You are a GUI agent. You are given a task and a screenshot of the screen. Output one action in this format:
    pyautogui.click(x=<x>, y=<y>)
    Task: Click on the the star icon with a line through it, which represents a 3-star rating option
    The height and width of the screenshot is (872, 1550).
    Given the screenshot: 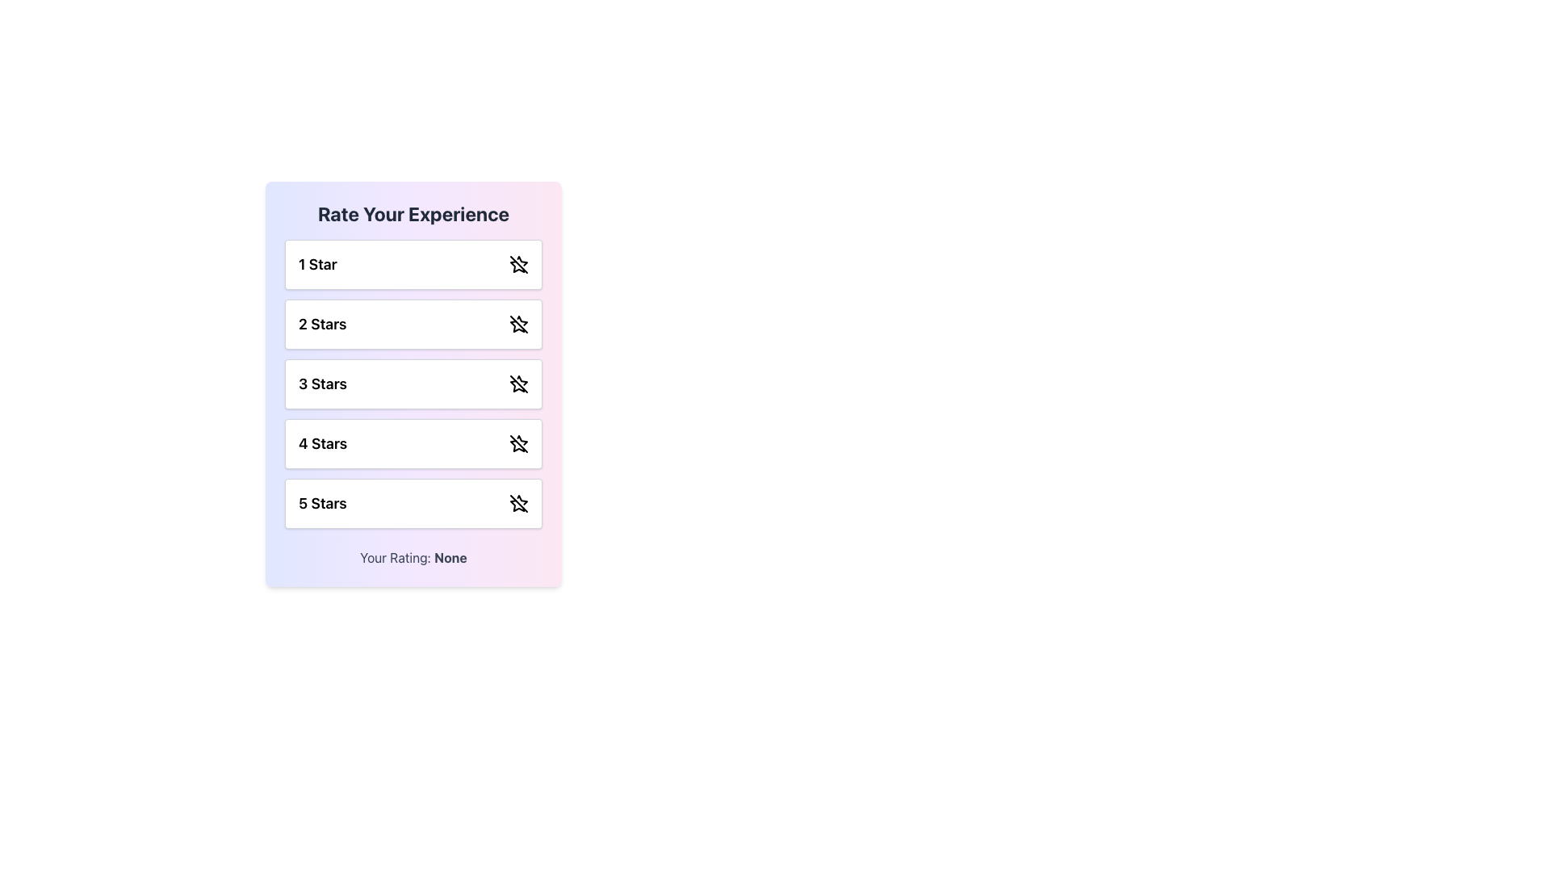 What is the action you would take?
    pyautogui.click(x=519, y=384)
    